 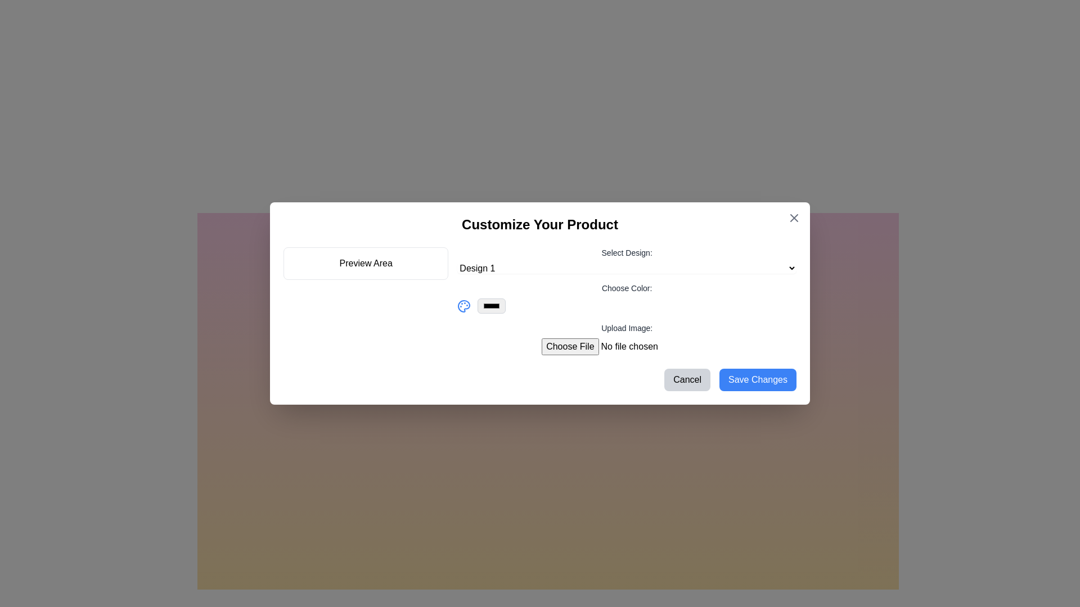 I want to click on the Decorative SVG palette icon located in the 'Choose Color' section, so click(x=464, y=306).